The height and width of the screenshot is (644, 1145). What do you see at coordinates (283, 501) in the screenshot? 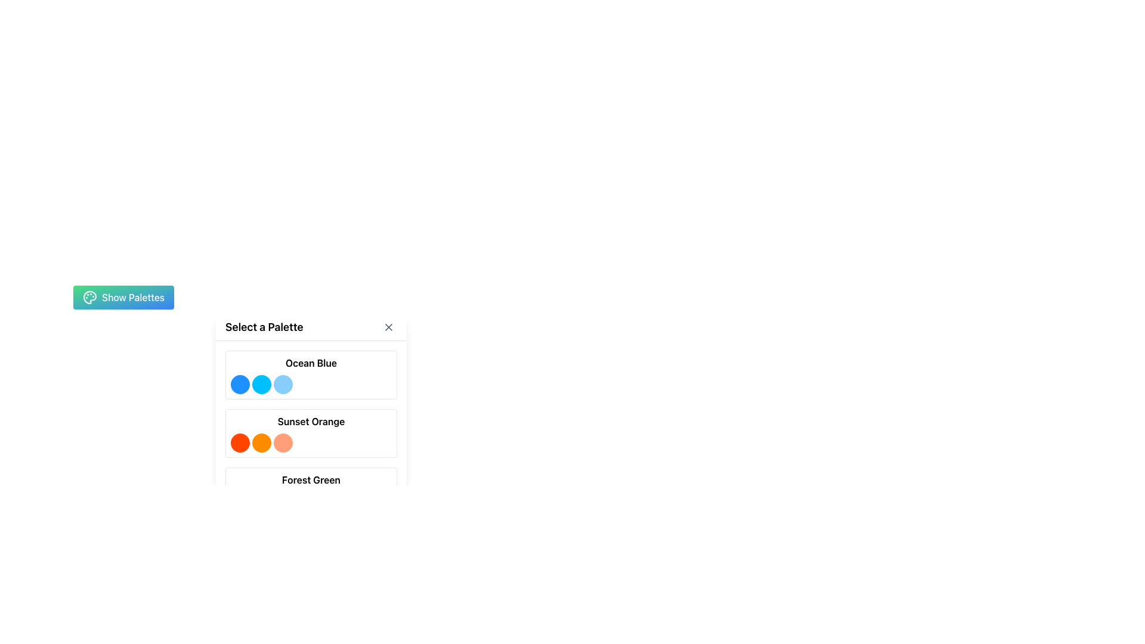
I see `the small circular Color option indicator with a light teal background, which is the third item in a row of three colored circles in the 'Forest Green' palette section` at bounding box center [283, 501].